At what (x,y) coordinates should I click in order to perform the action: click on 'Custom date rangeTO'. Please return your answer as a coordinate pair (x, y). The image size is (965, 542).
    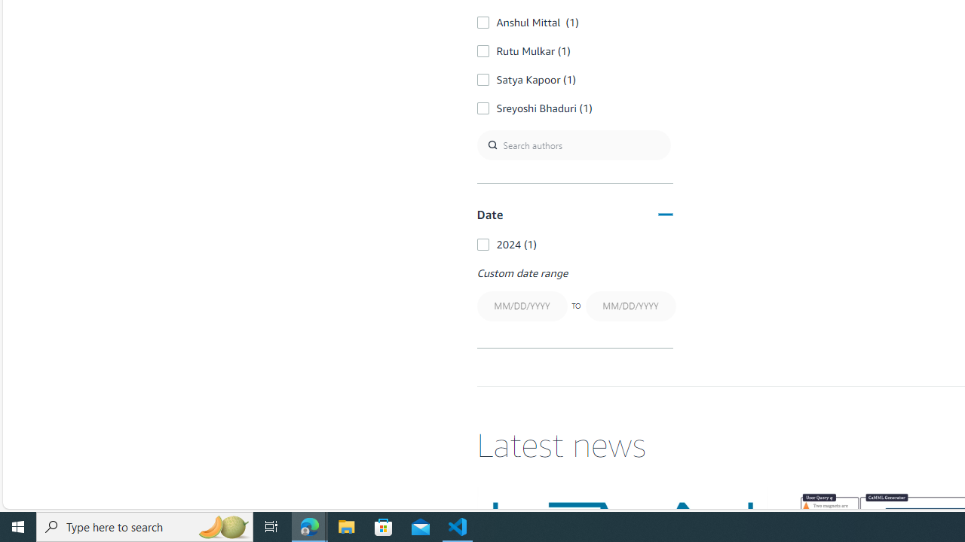
    Looking at the image, I should click on (574, 295).